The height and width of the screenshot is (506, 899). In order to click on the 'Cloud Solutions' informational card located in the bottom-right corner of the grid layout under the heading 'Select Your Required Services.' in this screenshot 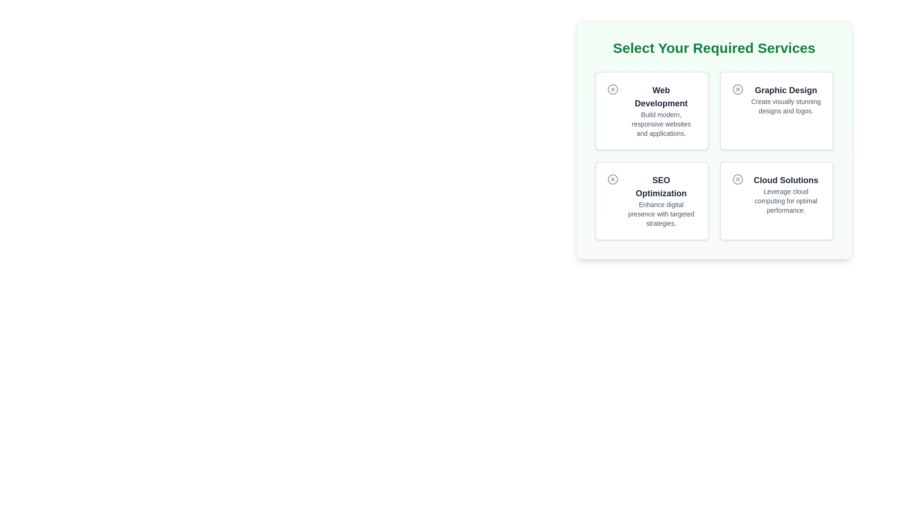, I will do `click(786, 194)`.